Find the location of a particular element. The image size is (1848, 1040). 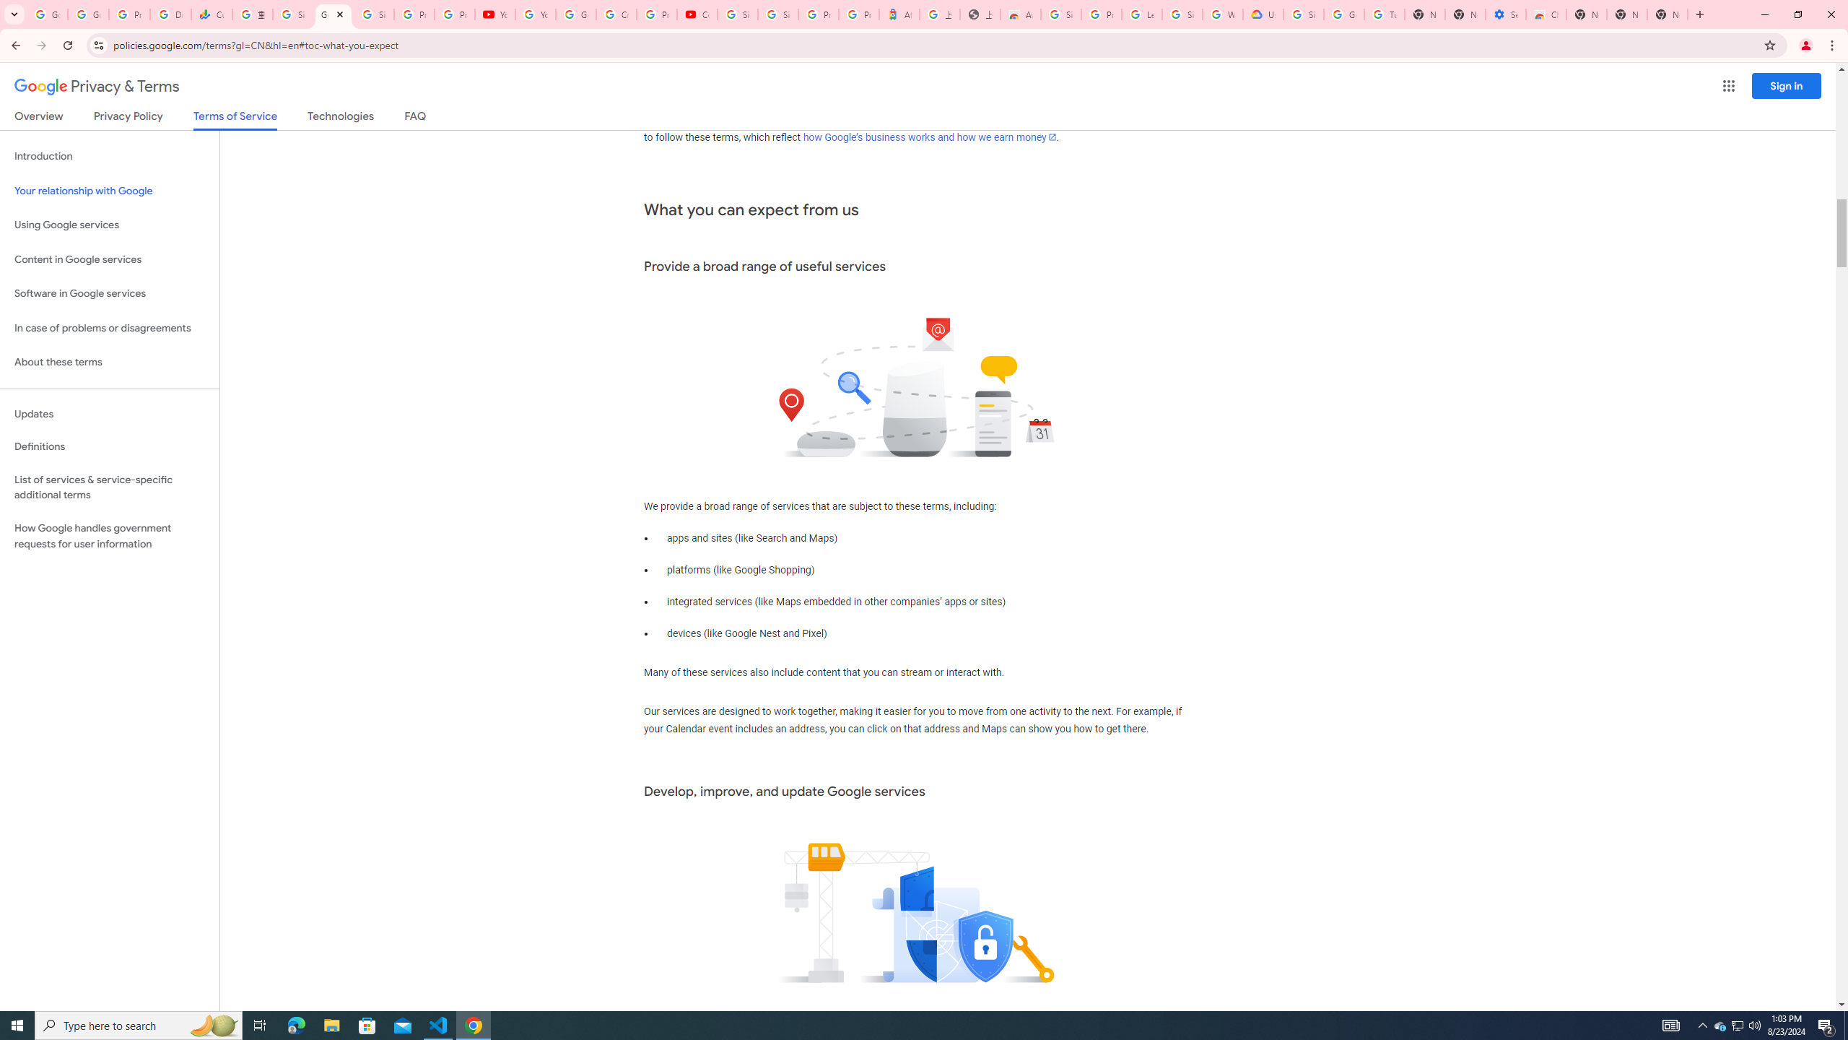

'YouTube' is located at coordinates (535, 14).